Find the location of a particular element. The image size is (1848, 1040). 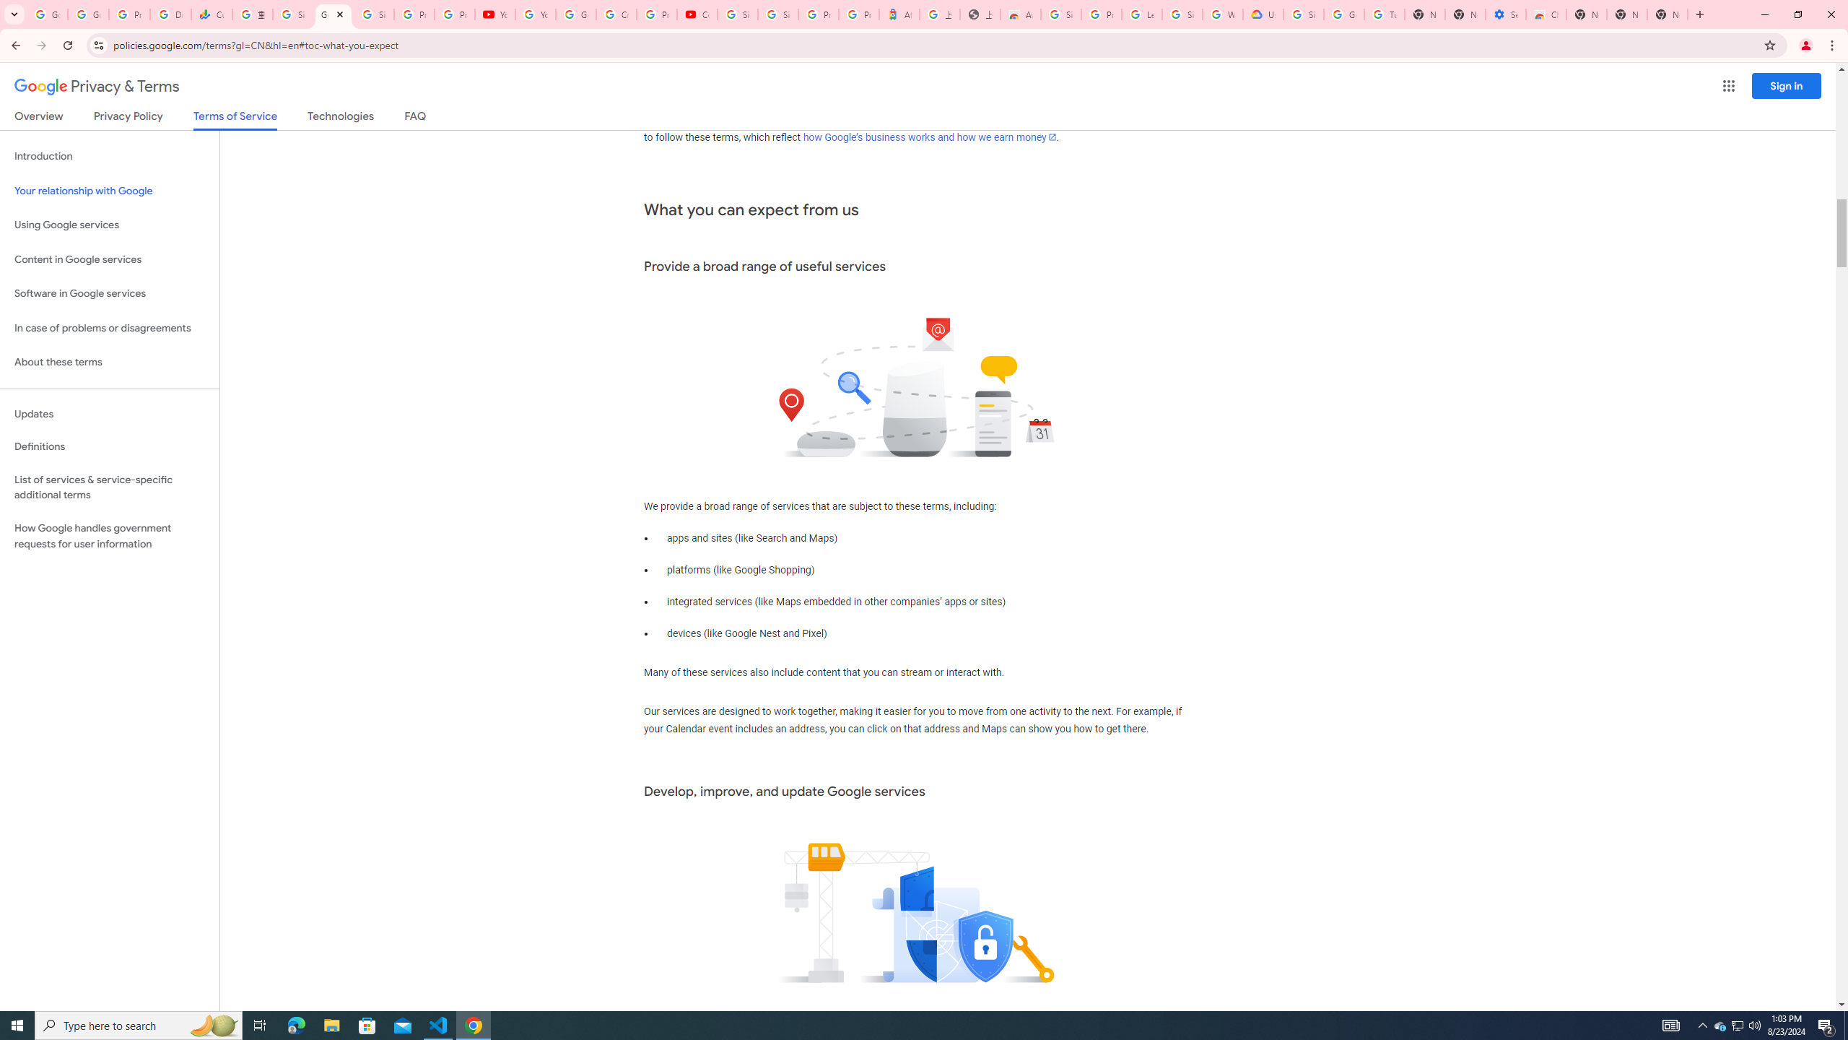

'YouTube' is located at coordinates (535, 14).